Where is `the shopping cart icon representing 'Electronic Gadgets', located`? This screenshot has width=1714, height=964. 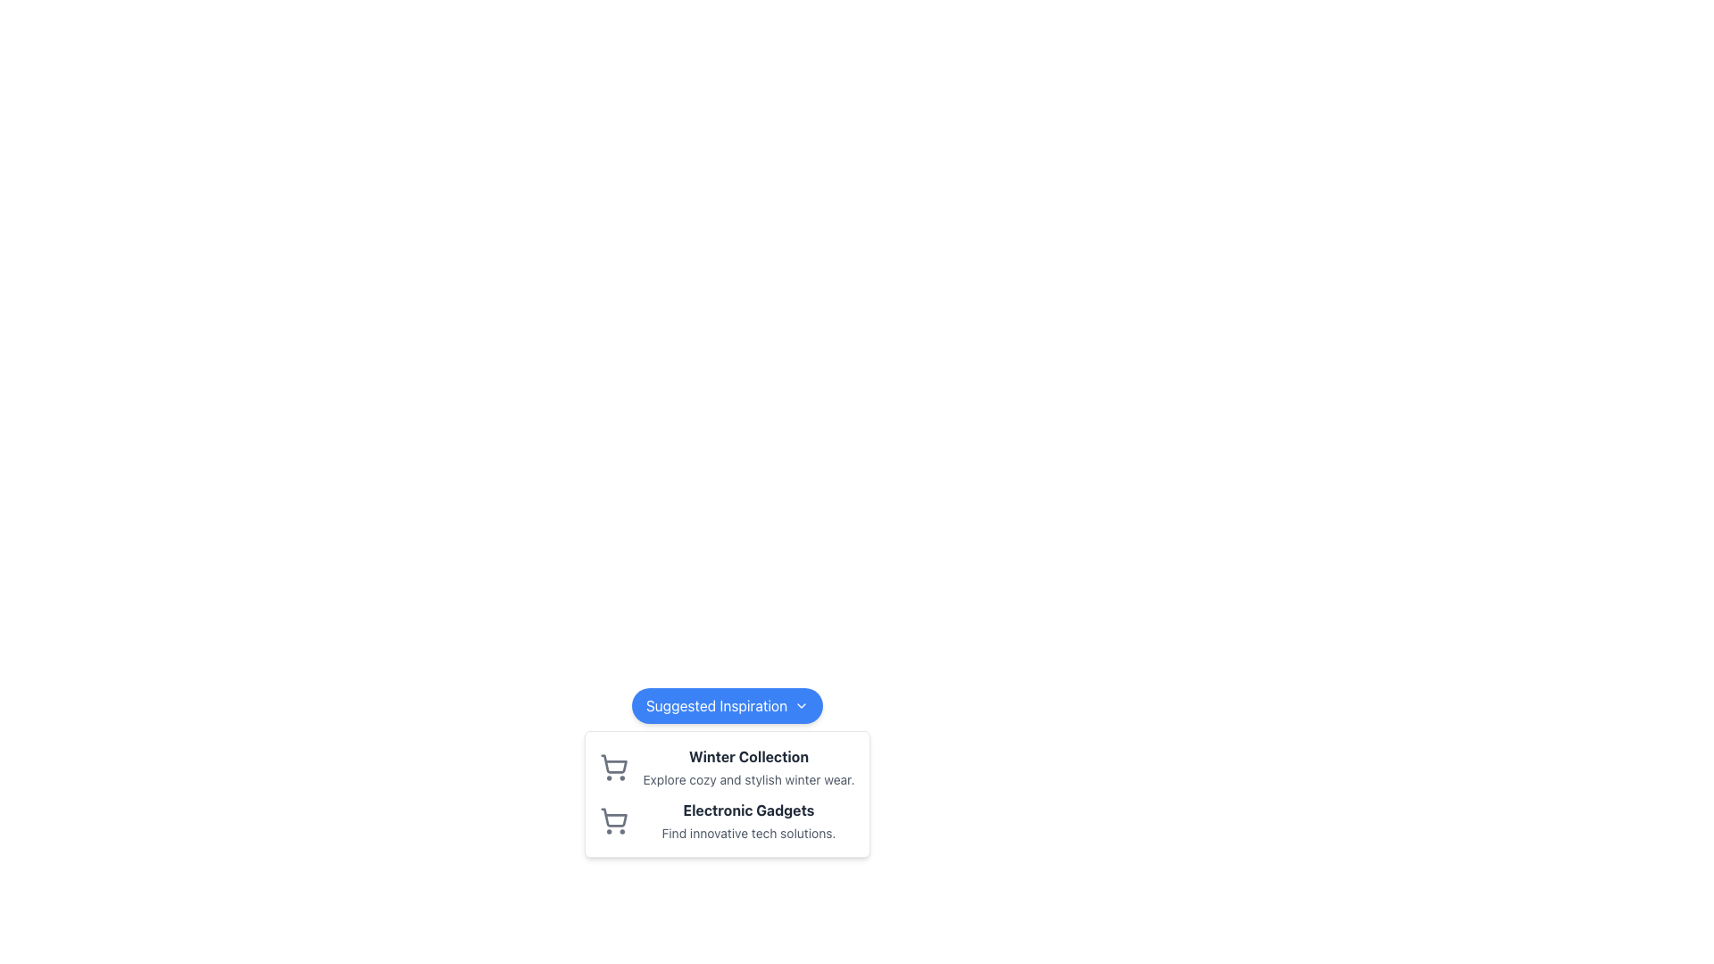
the shopping cart icon representing 'Electronic Gadgets', located is located at coordinates (613, 821).